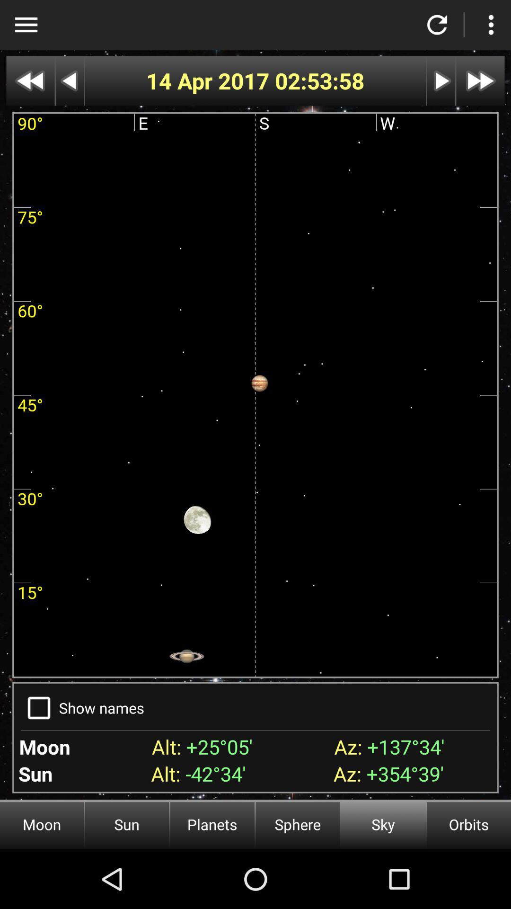 This screenshot has height=909, width=511. What do you see at coordinates (490, 25) in the screenshot?
I see `a new menu` at bounding box center [490, 25].